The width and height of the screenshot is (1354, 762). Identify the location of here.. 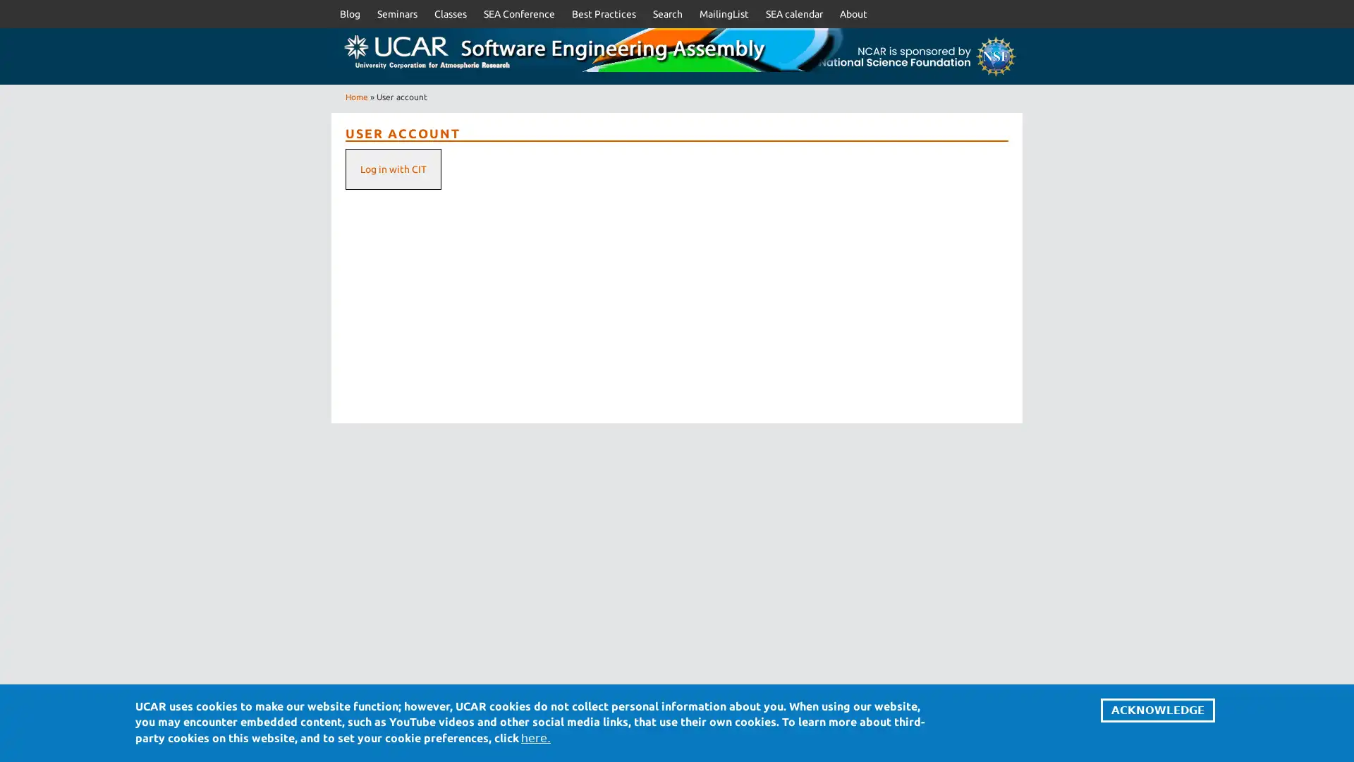
(535, 737).